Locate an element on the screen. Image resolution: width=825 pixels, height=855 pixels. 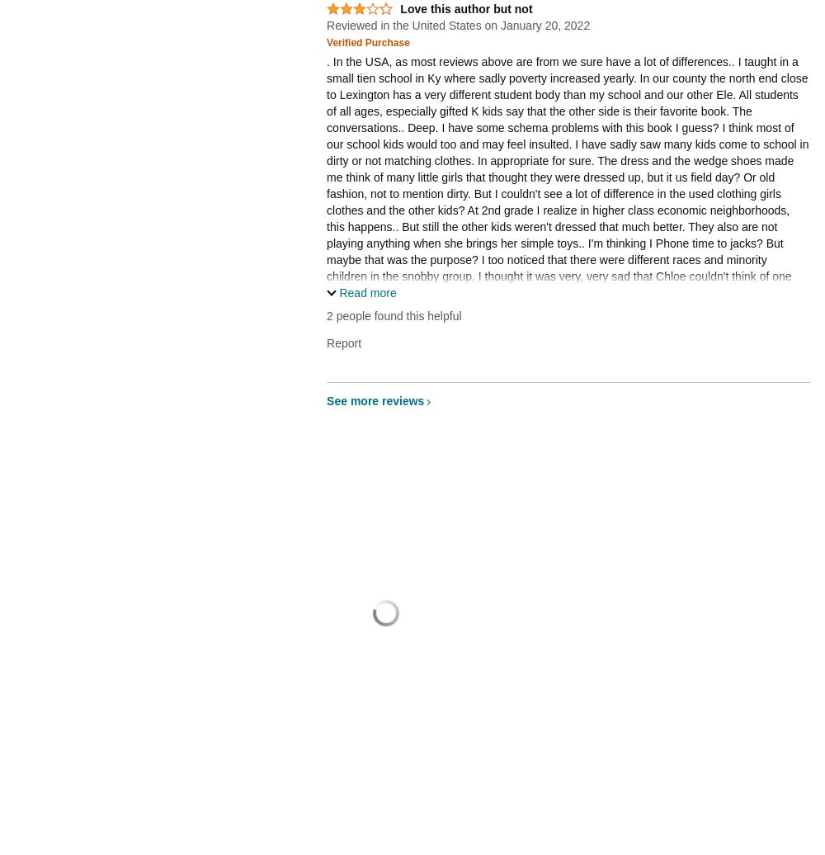
'View or edit your browsing history' is located at coordinates (711, 832).